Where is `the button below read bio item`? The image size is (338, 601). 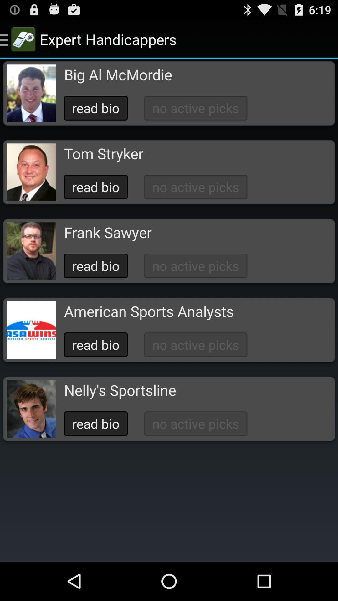
the button below read bio item is located at coordinates (107, 232).